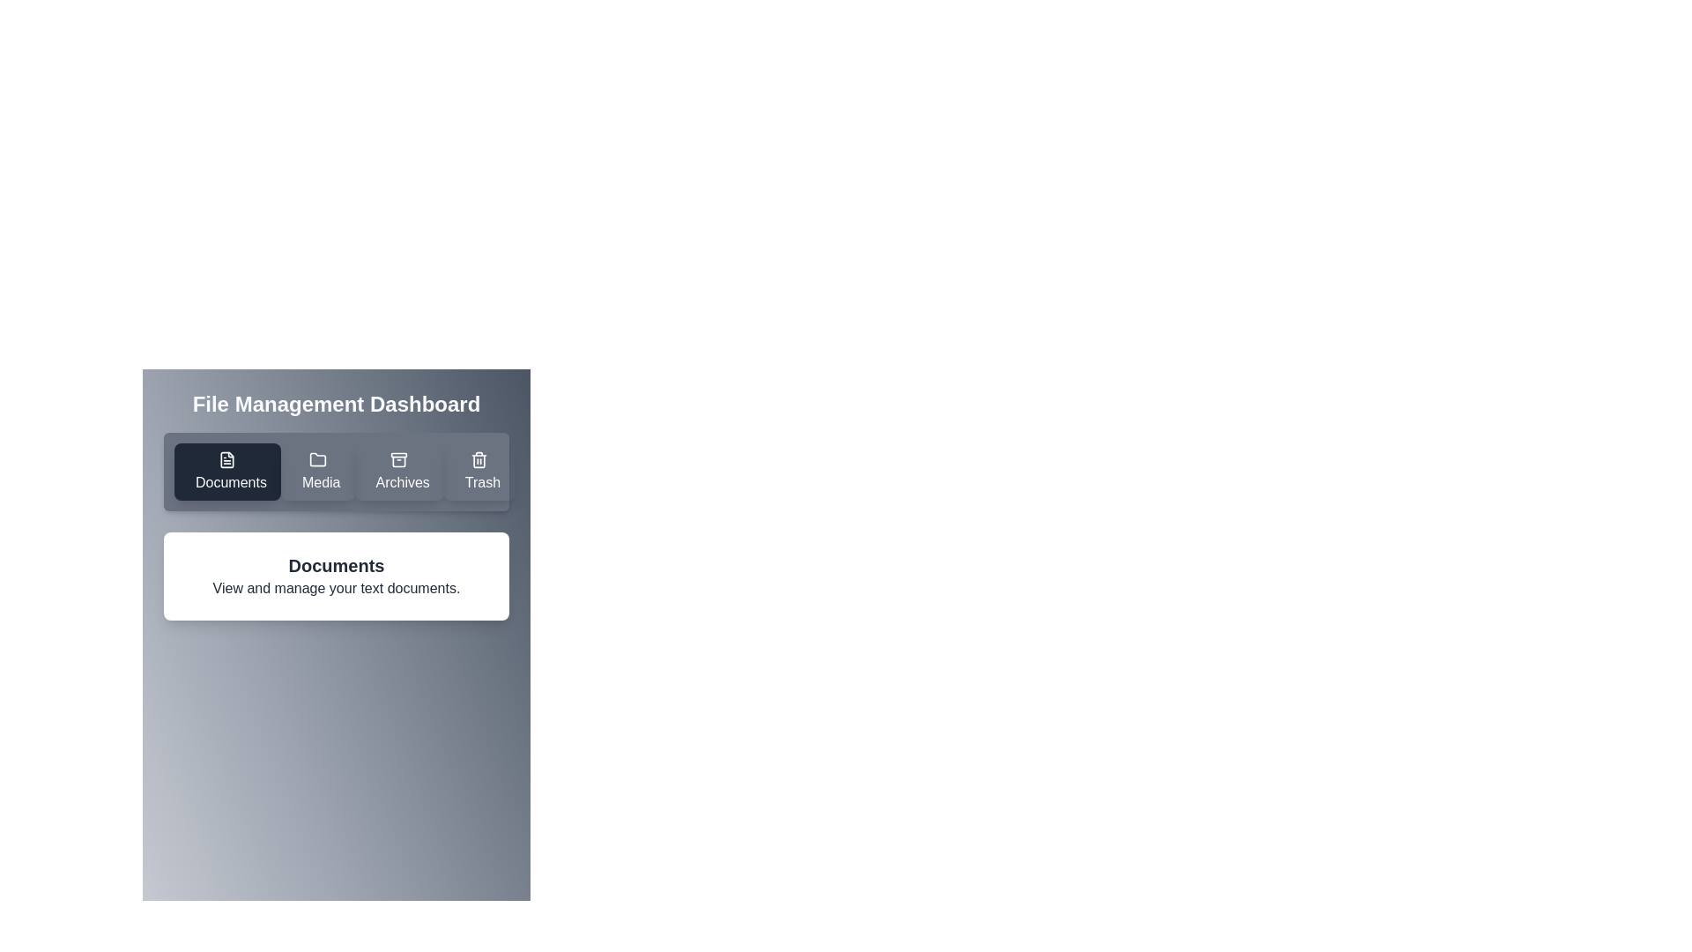 The width and height of the screenshot is (1692, 952). I want to click on the tab button corresponding to Trash, so click(479, 471).